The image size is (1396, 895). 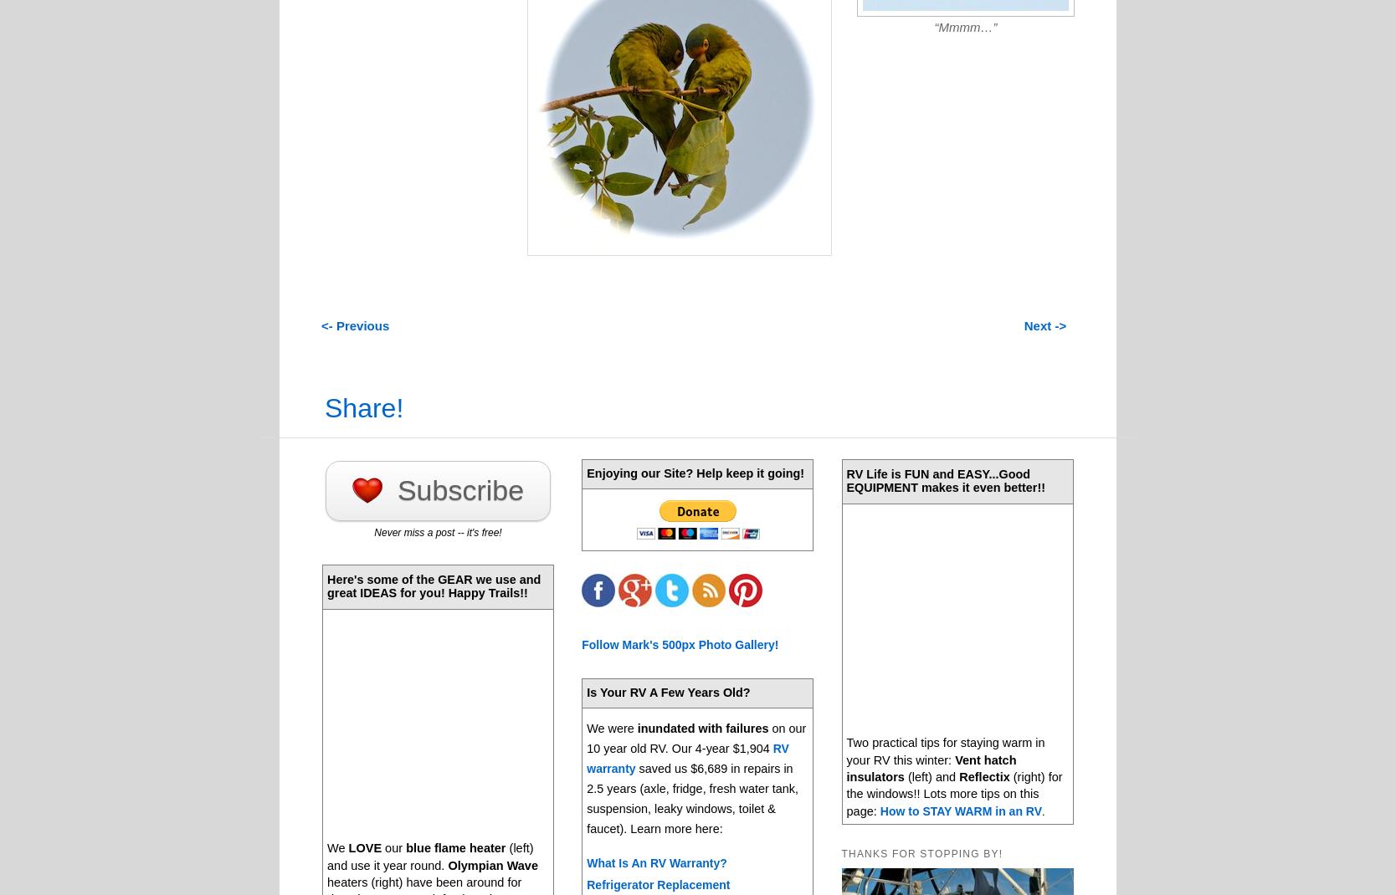 What do you see at coordinates (954, 792) in the screenshot?
I see `'(right) for the windows!! Lots more tips on this page:'` at bounding box center [954, 792].